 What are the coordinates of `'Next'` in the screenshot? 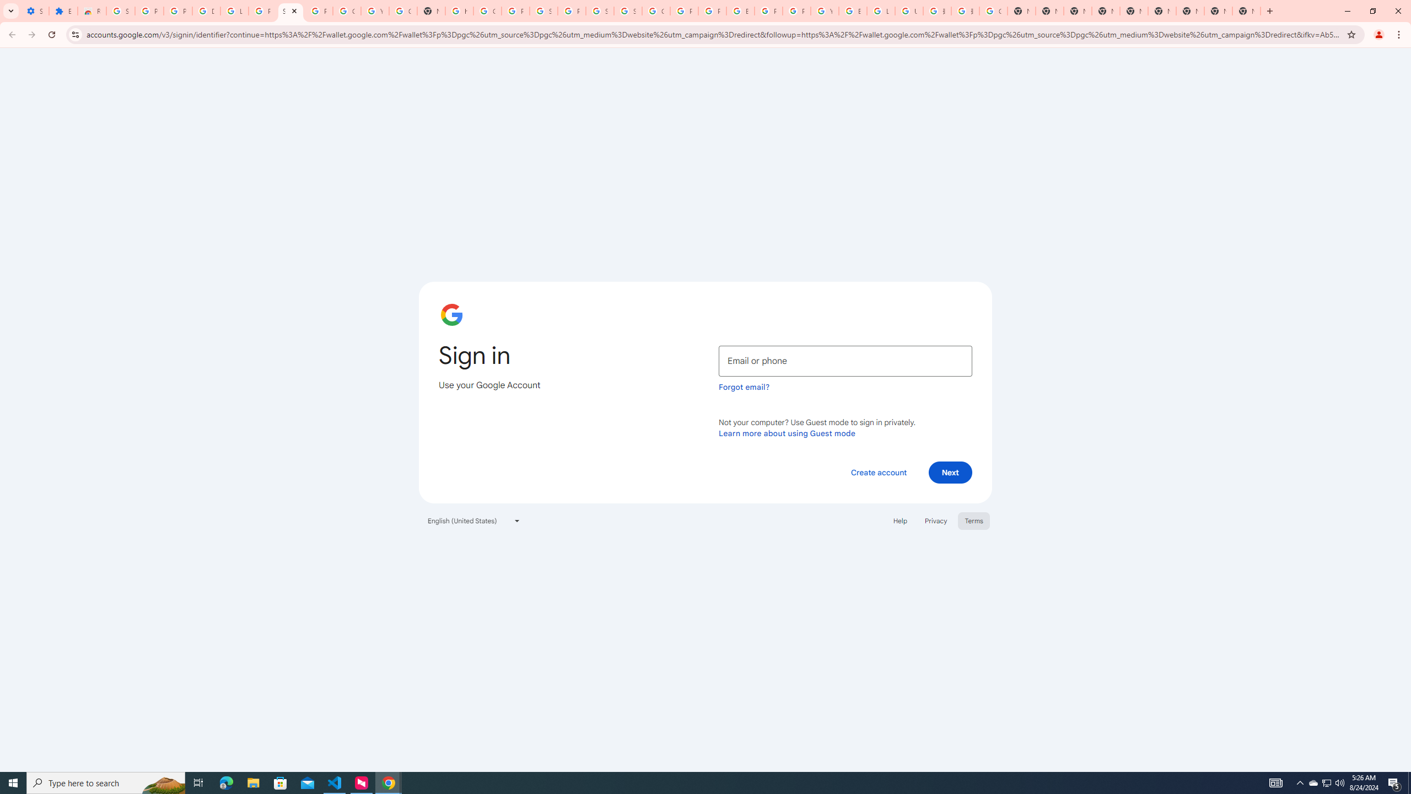 It's located at (950, 471).